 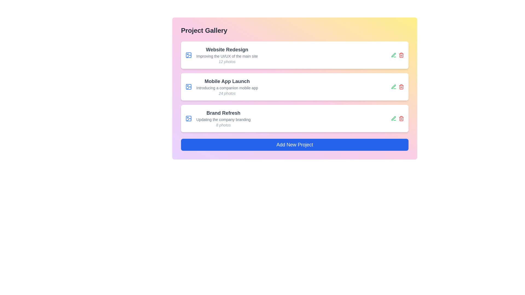 What do you see at coordinates (227, 49) in the screenshot?
I see `the project with title Website Redesign` at bounding box center [227, 49].